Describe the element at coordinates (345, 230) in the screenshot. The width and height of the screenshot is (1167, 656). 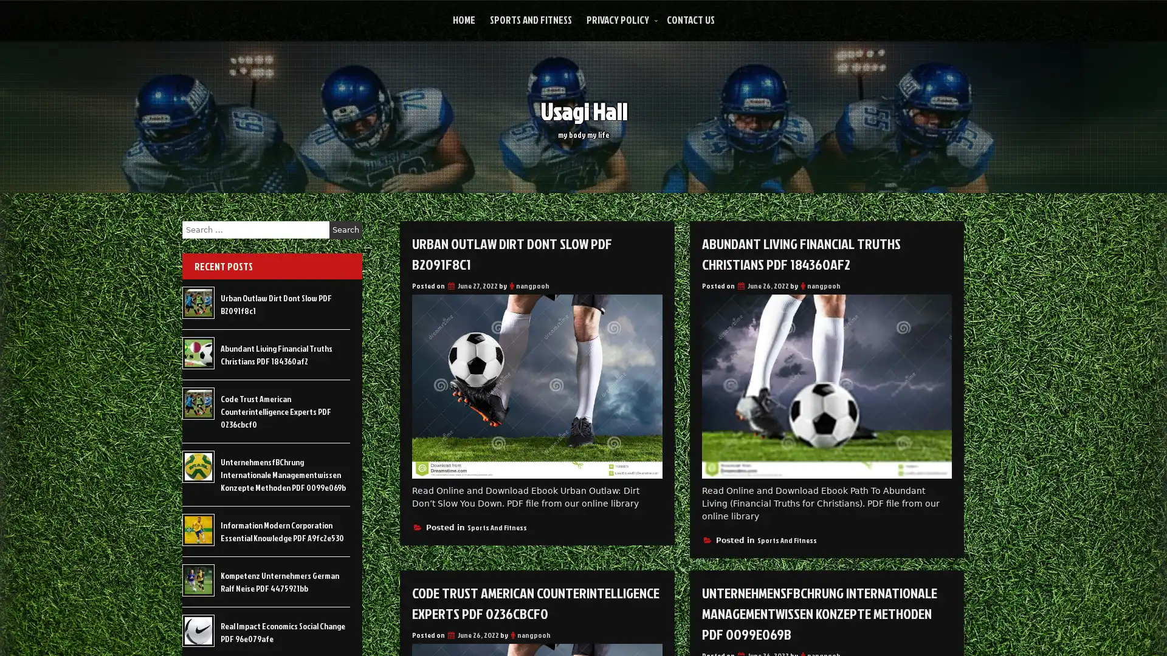
I see `Search` at that location.